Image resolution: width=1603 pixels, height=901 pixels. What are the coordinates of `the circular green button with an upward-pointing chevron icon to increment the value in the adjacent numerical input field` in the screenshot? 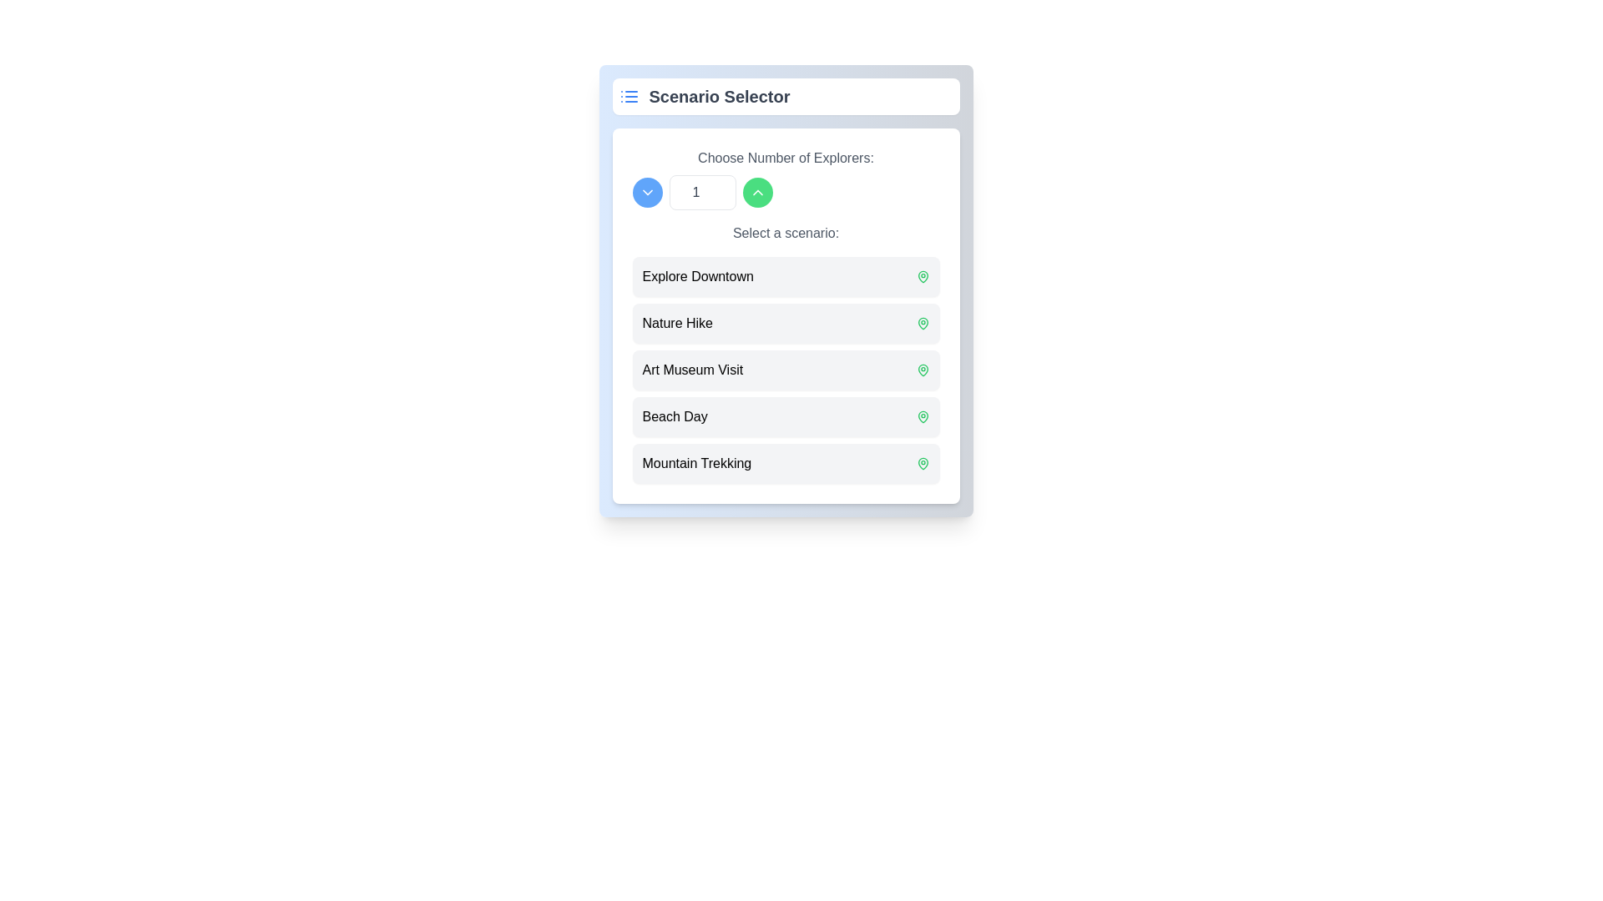 It's located at (756, 192).